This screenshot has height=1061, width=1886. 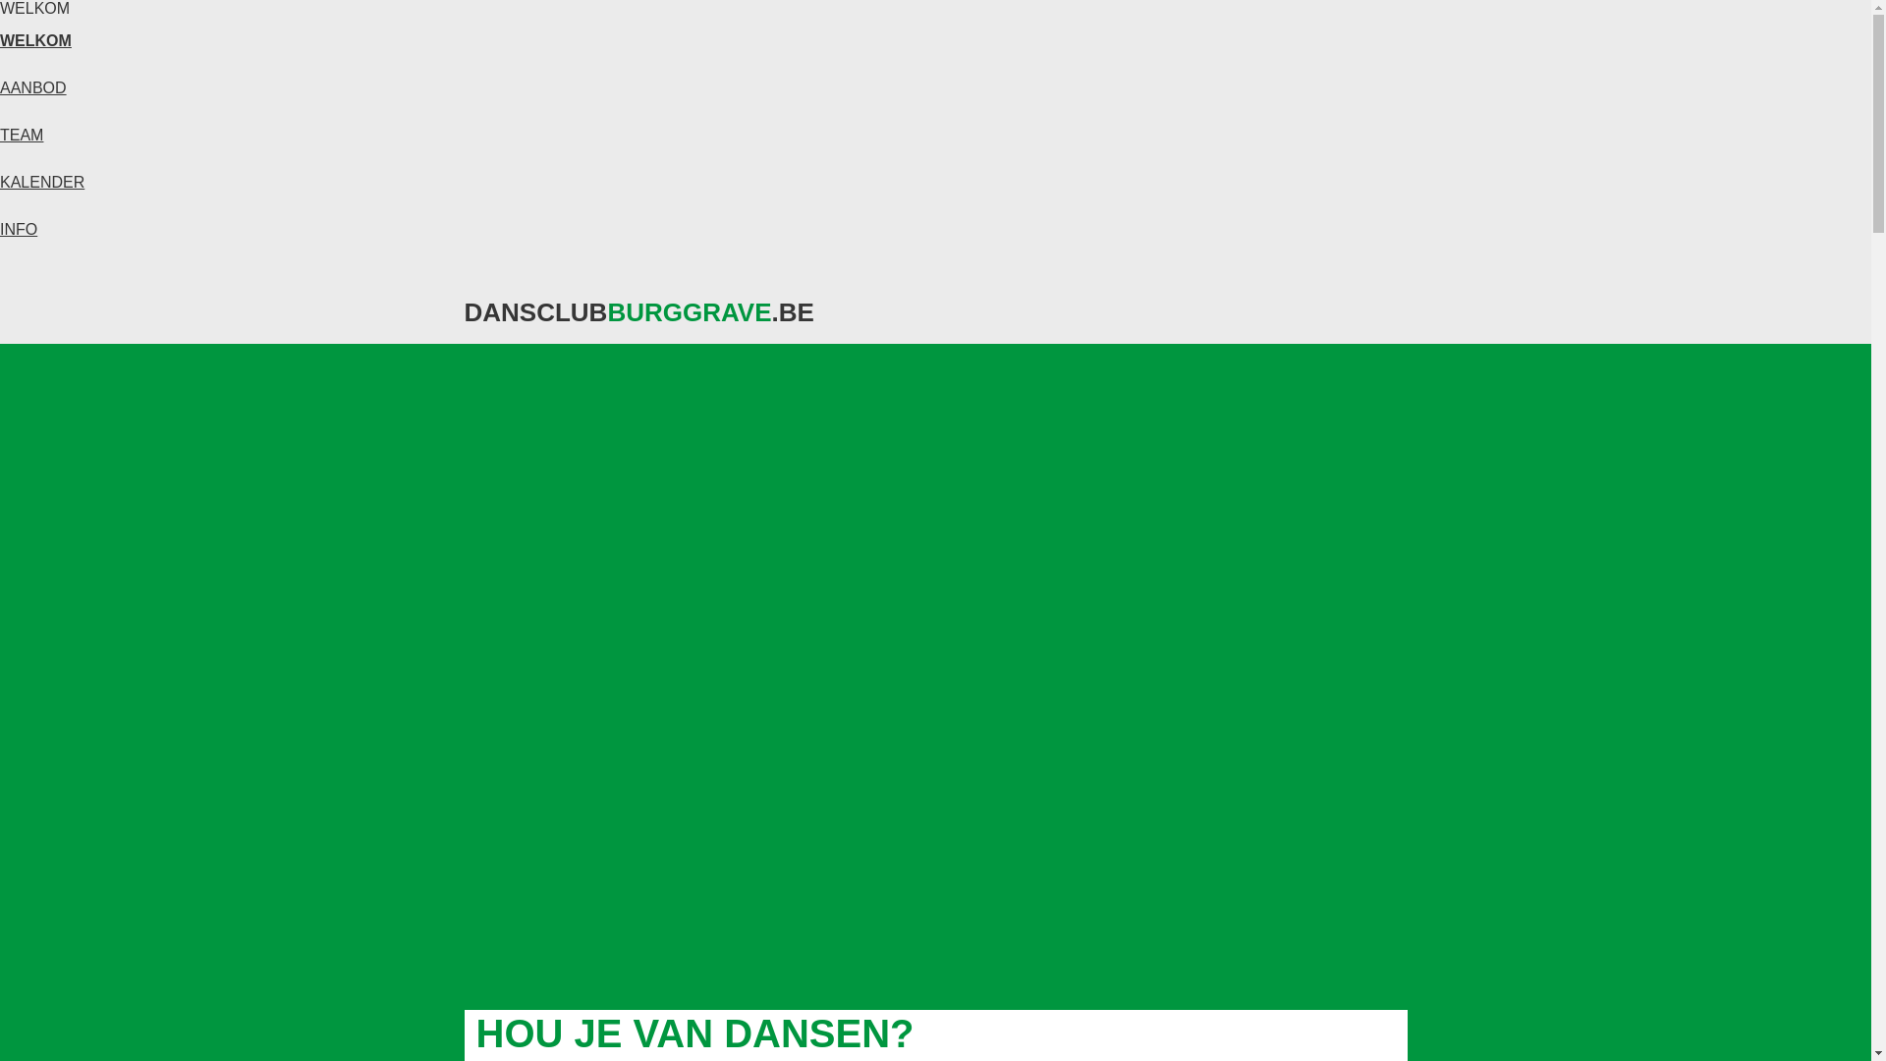 I want to click on 'AANBOD', so click(x=32, y=86).